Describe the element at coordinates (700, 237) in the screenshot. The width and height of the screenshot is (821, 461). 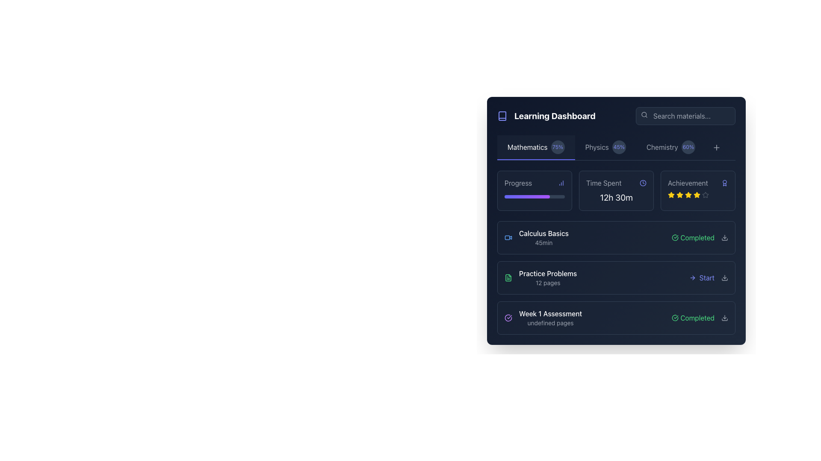
I see `the Status indicator with text and icon located at the far right of the 'Calculus Basics' entry in the learning dashboard` at that location.